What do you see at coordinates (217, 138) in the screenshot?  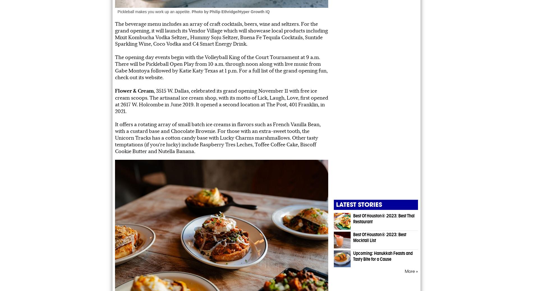 I see `'It offers a rotating array of small batch ice creams in flavors such as French Vanilla Bean, with a custard base and Chocolate Brownie. For those with an extra-sweet tooth, the Unicorn Tracks has a cotton candy base with Lucky Charms marshmallows. Other tasty temptations (if you're lucky) include Raspberry Tres Leches, Toffee Coffee Cake, Biscoff Cookie Butter and Nutella Banana.'` at bounding box center [217, 138].